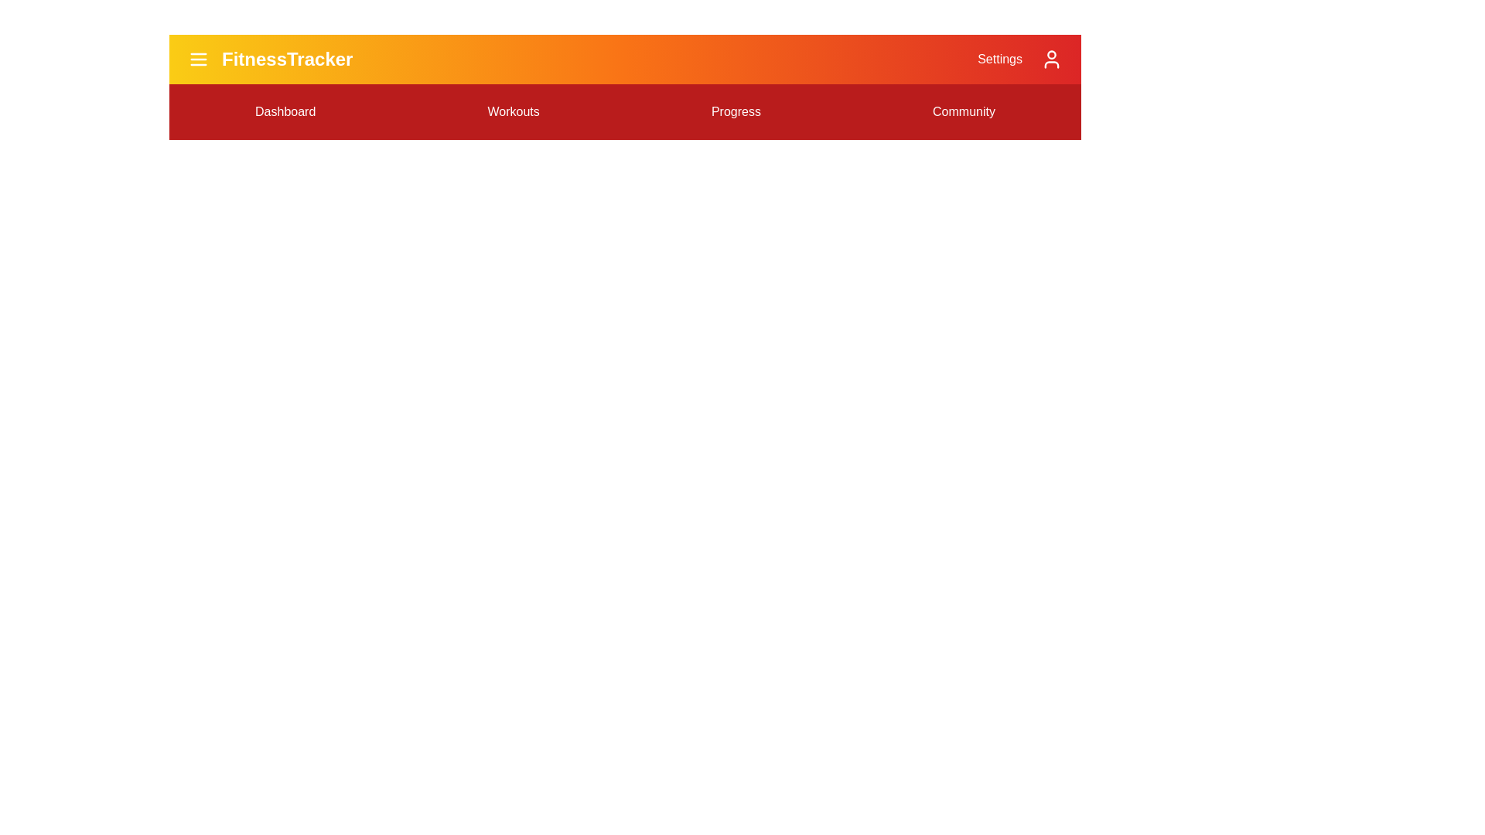 This screenshot has height=835, width=1485. Describe the element at coordinates (1051, 59) in the screenshot. I see `the user profile icon` at that location.